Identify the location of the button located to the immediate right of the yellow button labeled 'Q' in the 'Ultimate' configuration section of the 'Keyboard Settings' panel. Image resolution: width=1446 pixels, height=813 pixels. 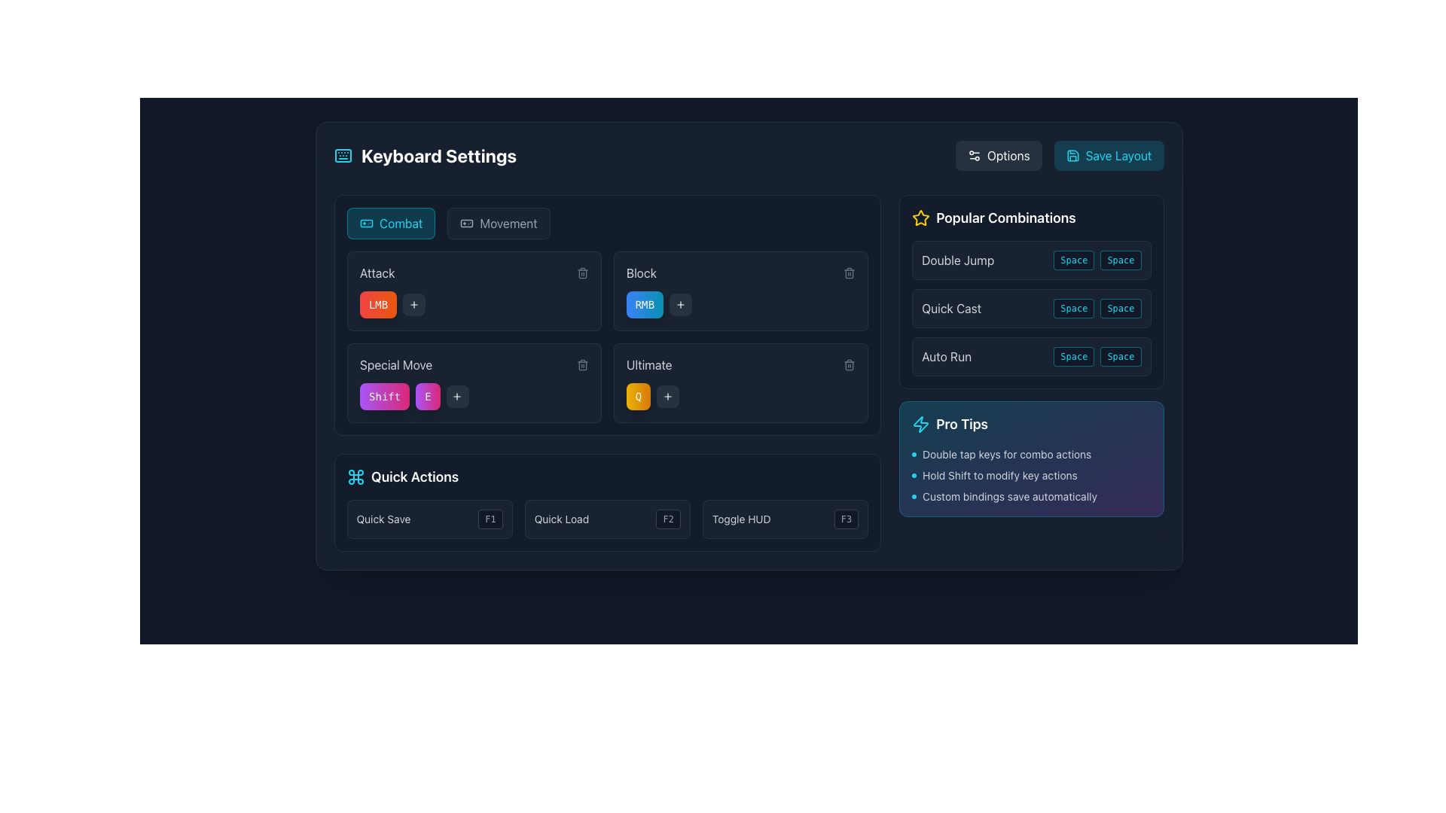
(667, 396).